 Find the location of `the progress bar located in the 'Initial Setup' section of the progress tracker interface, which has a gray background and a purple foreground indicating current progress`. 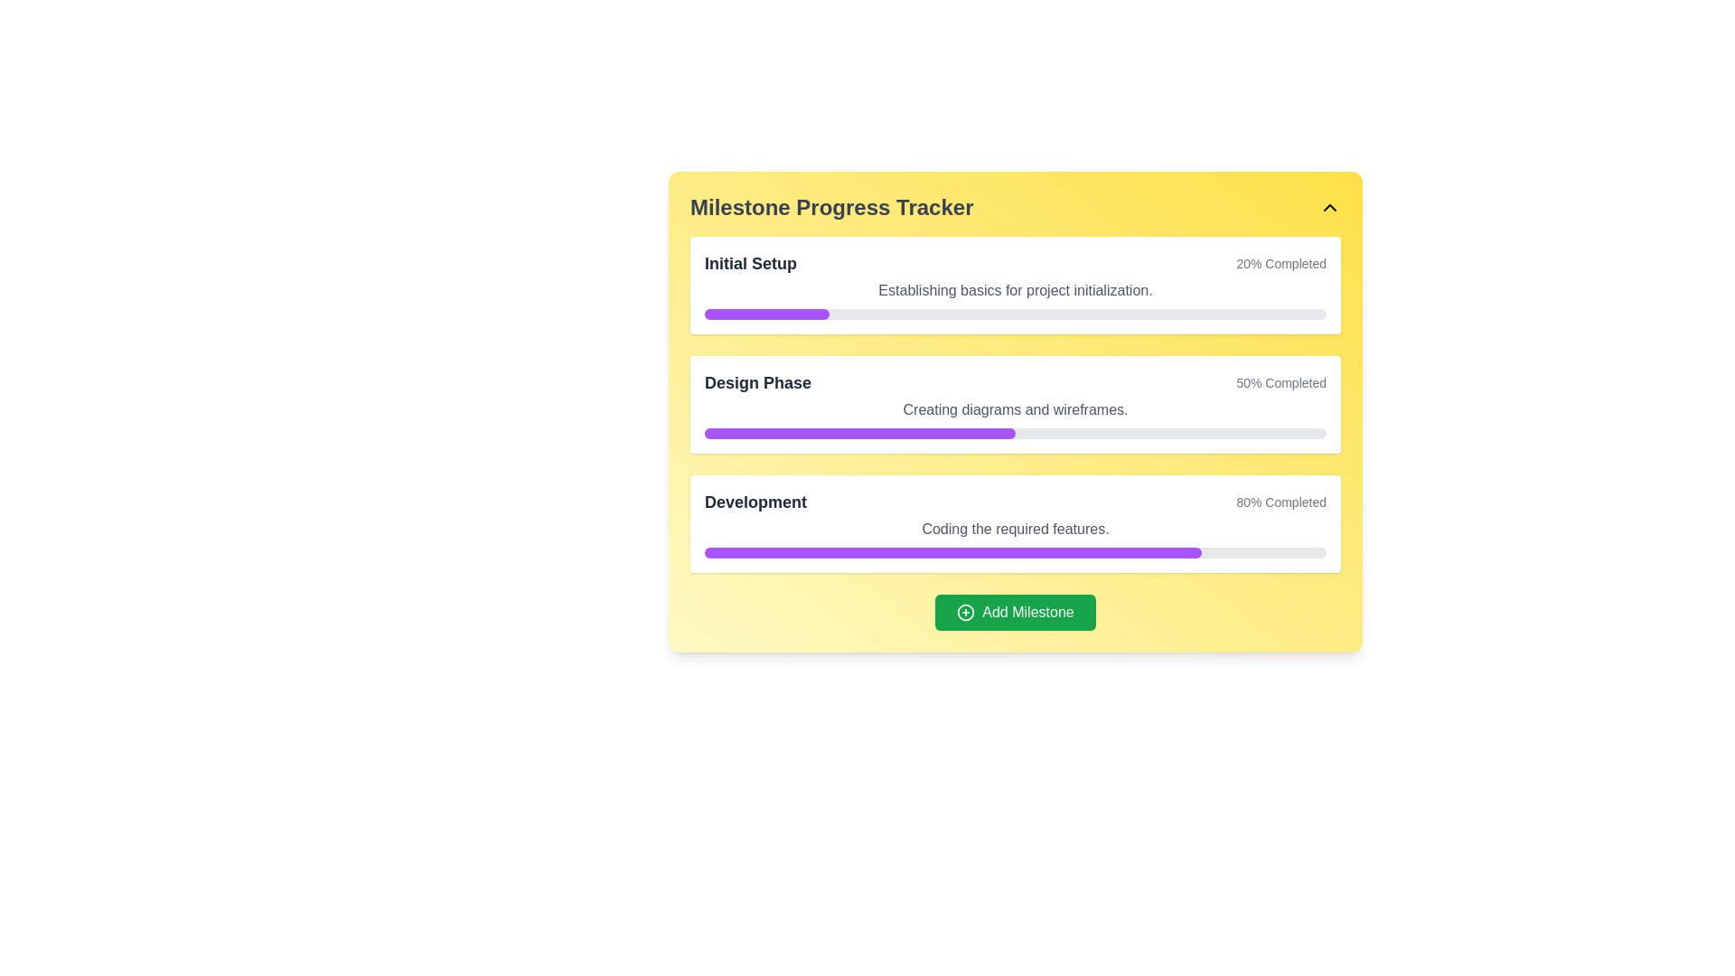

the progress bar located in the 'Initial Setup' section of the progress tracker interface, which has a gray background and a purple foreground indicating current progress is located at coordinates (1015, 313).